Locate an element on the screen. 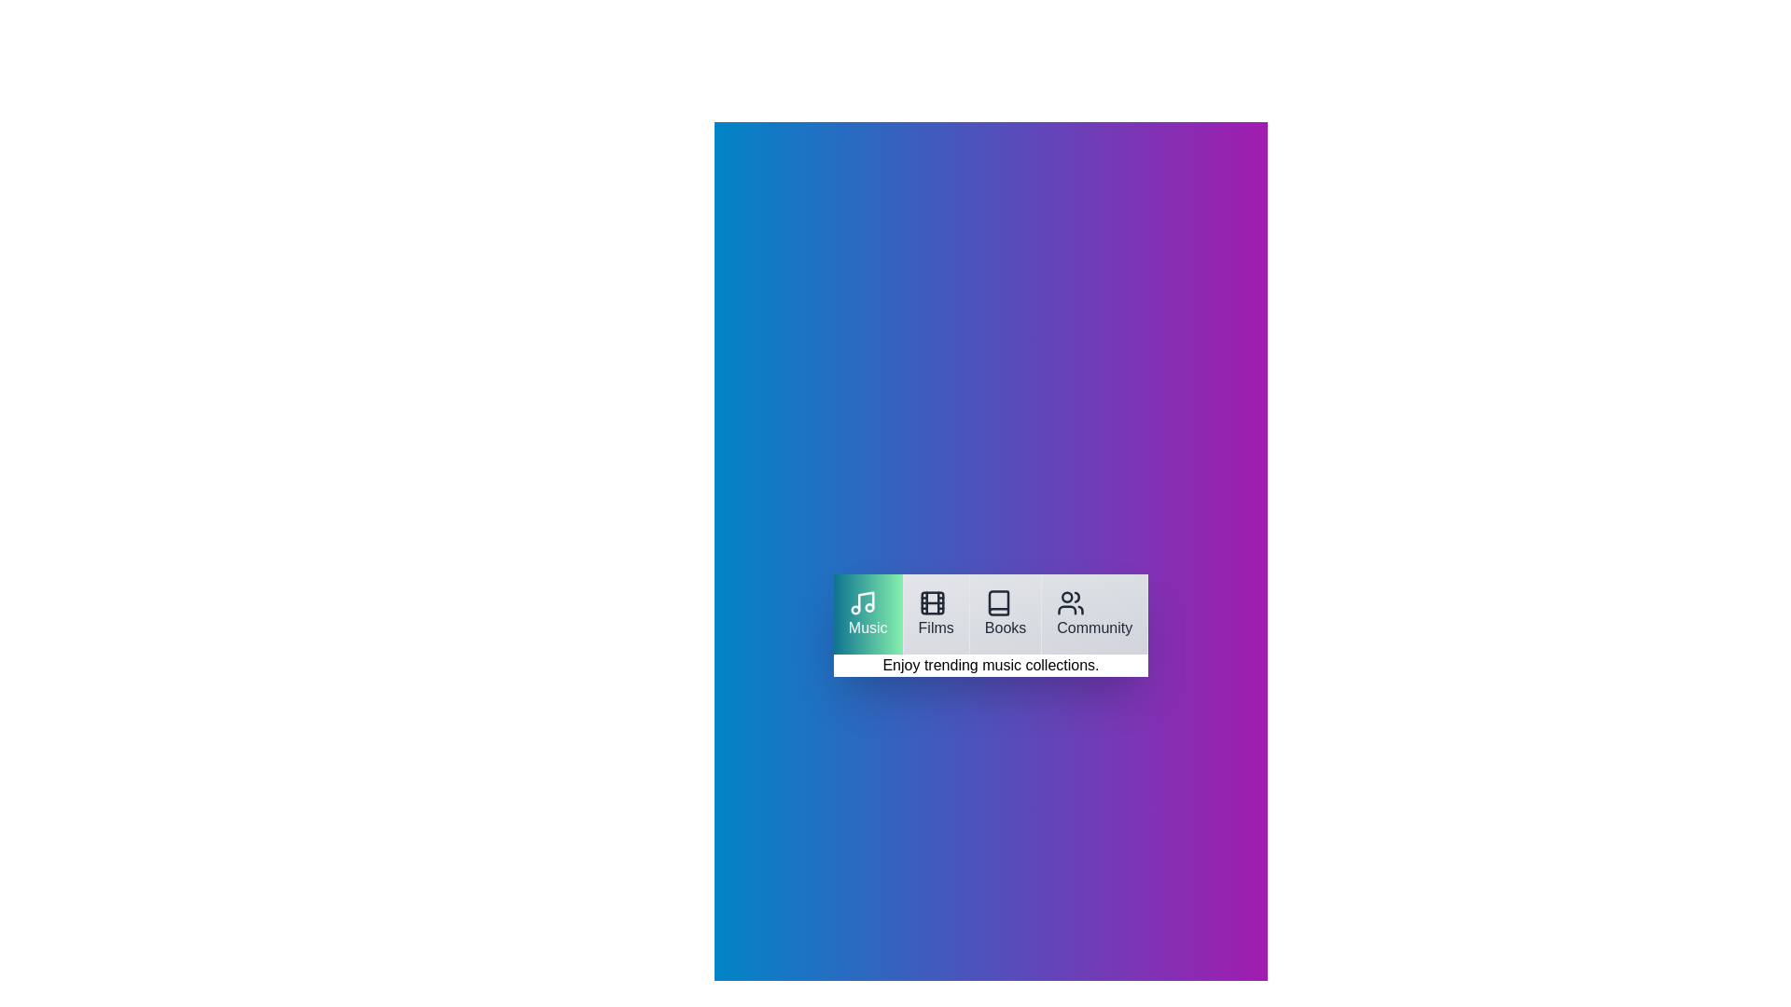  the 'Community' button, which features an icon of two user silhouettes and is located to the right of the 'Books' button is located at coordinates (1095, 614).